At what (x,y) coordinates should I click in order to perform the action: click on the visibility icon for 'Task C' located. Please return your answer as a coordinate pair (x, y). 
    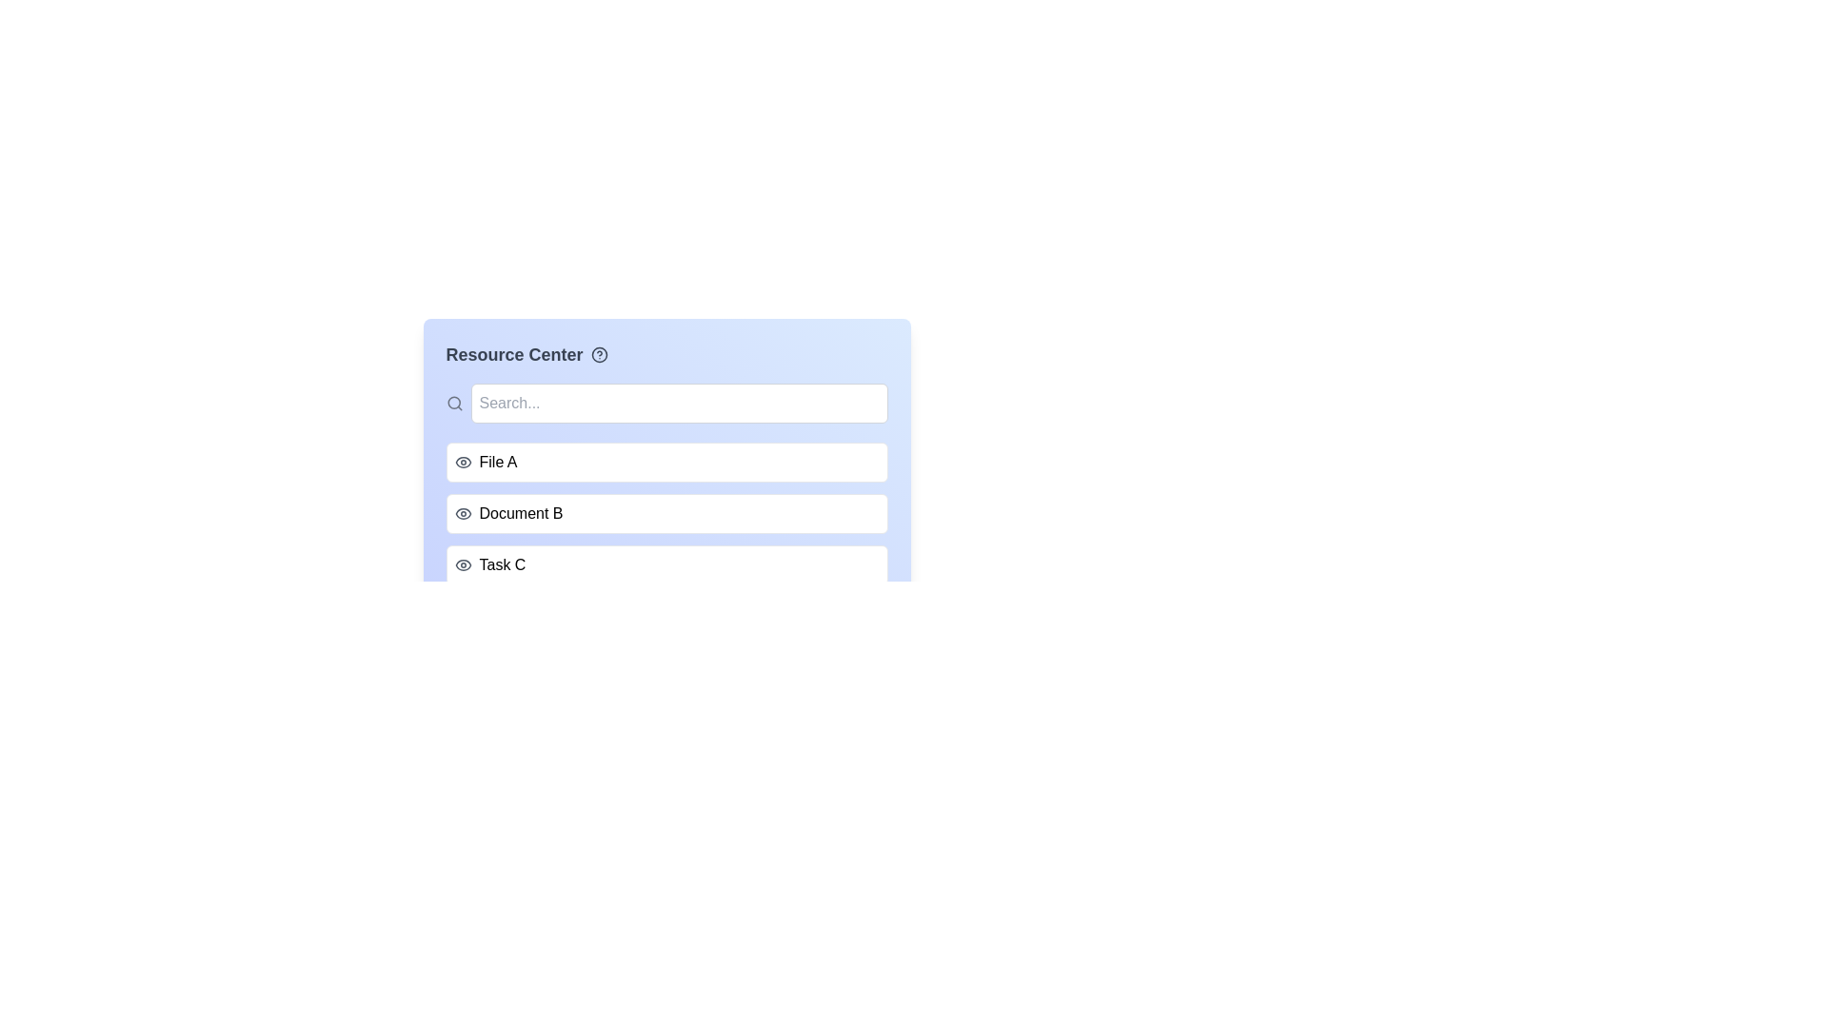
    Looking at the image, I should click on (463, 564).